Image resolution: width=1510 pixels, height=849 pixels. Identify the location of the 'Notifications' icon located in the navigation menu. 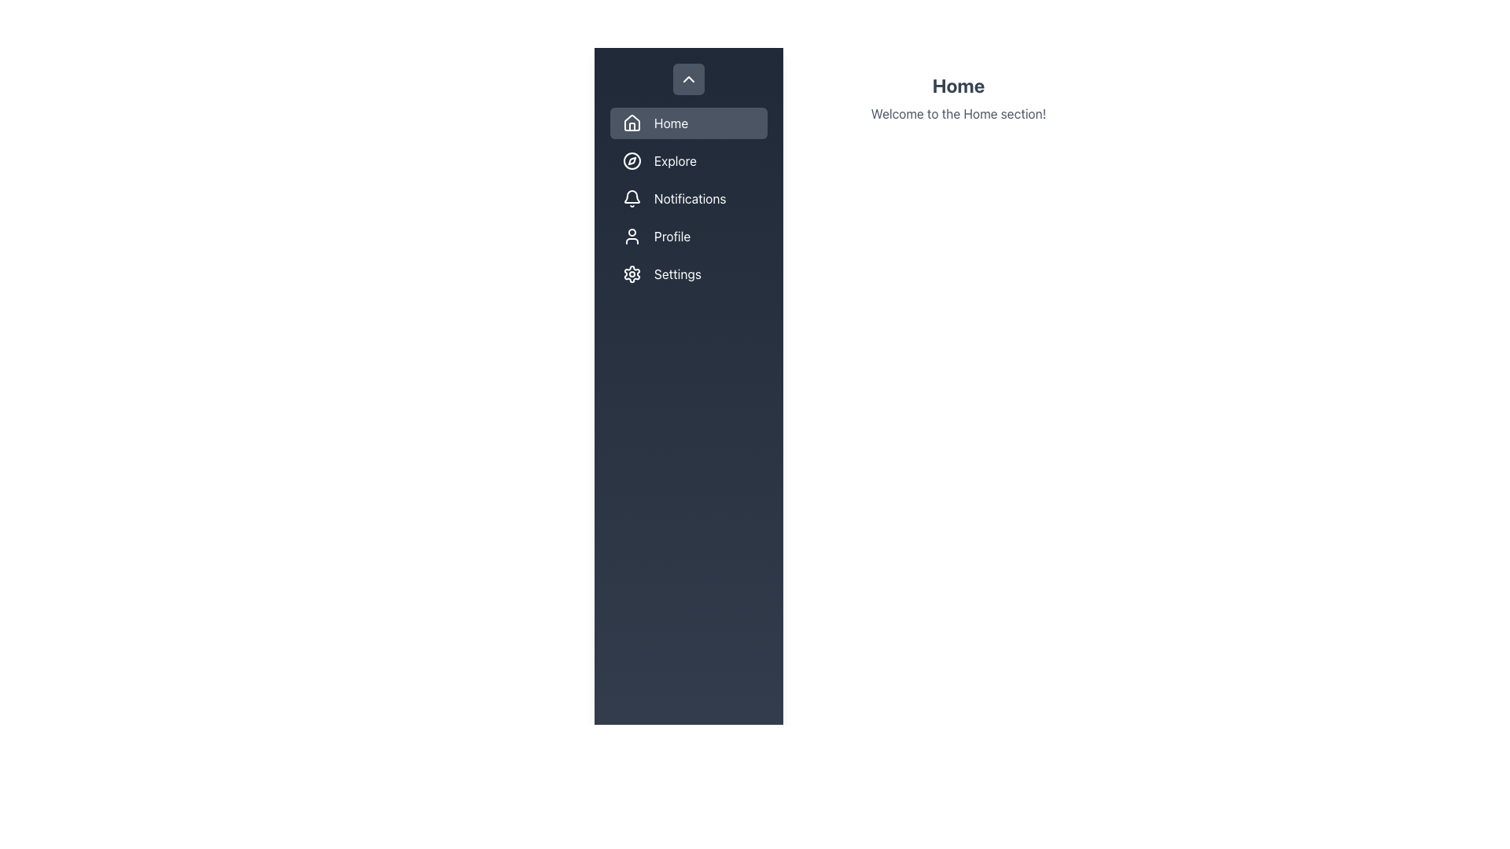
(632, 198).